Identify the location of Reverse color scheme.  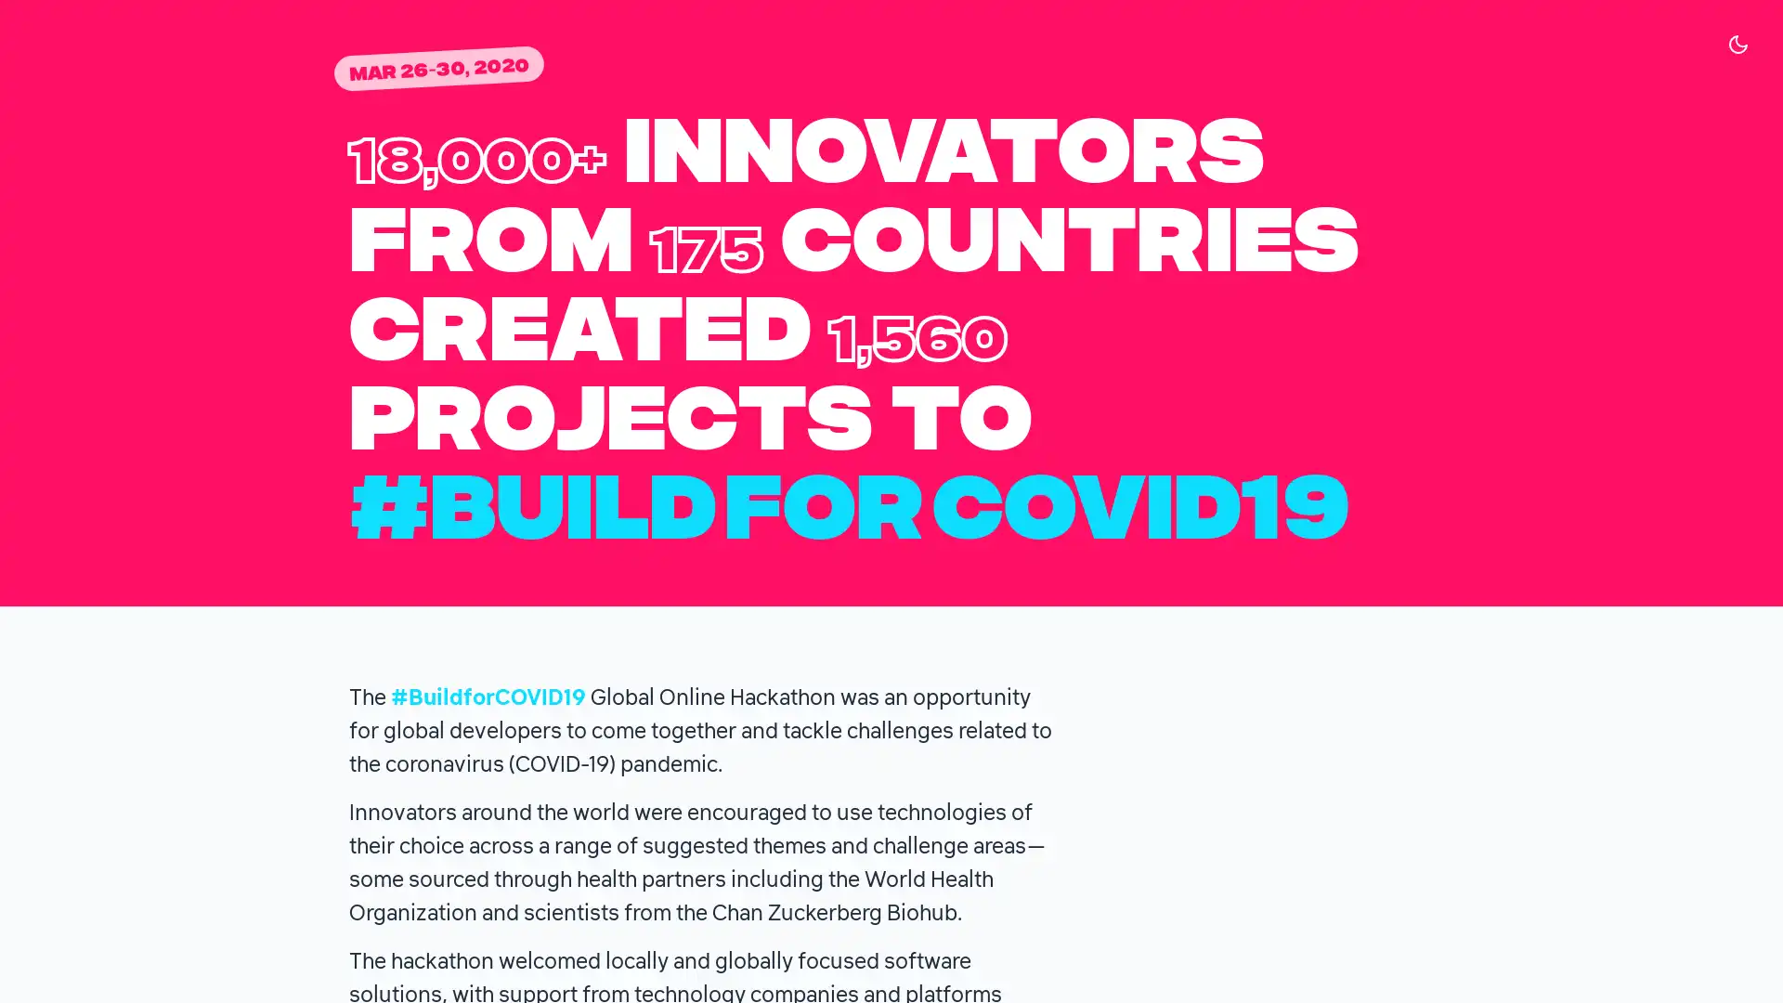
(1737, 43).